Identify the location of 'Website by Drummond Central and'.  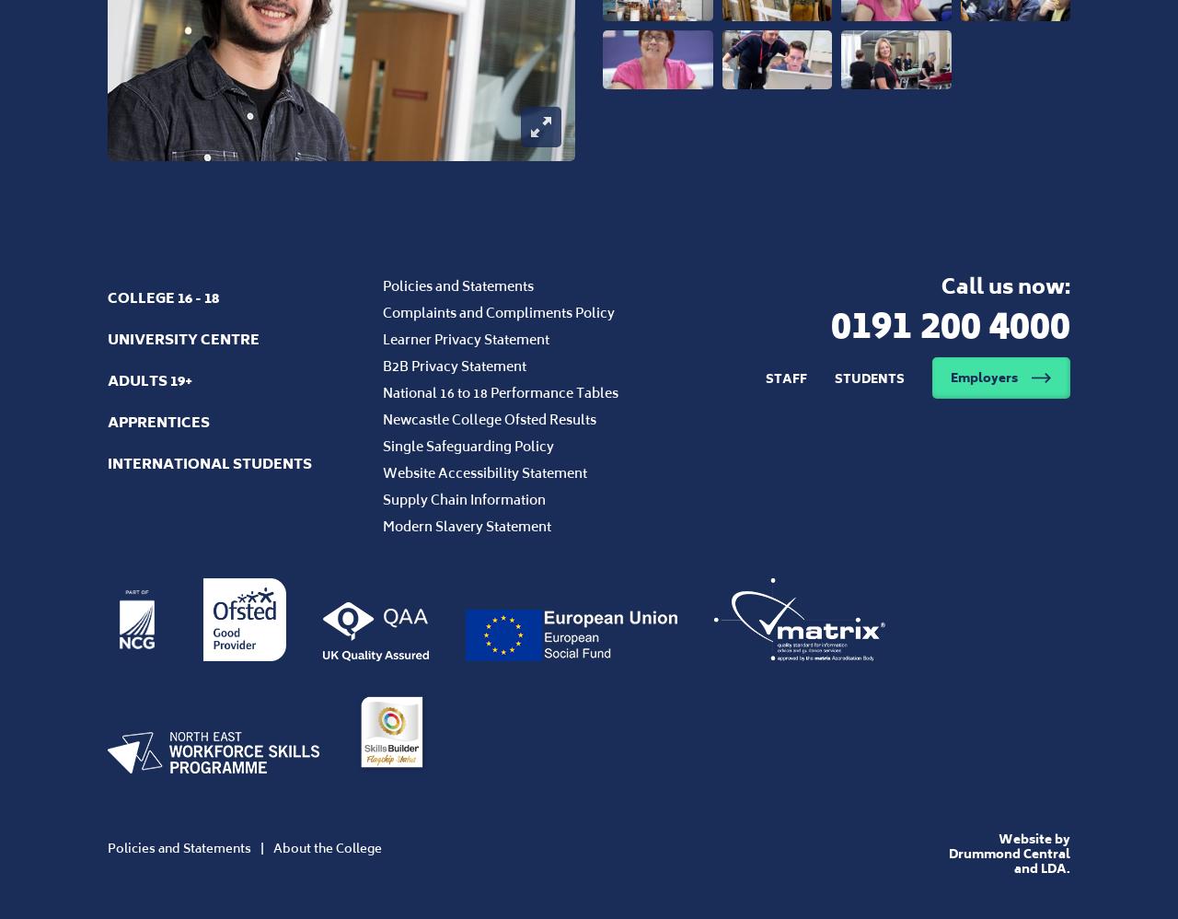
(1007, 853).